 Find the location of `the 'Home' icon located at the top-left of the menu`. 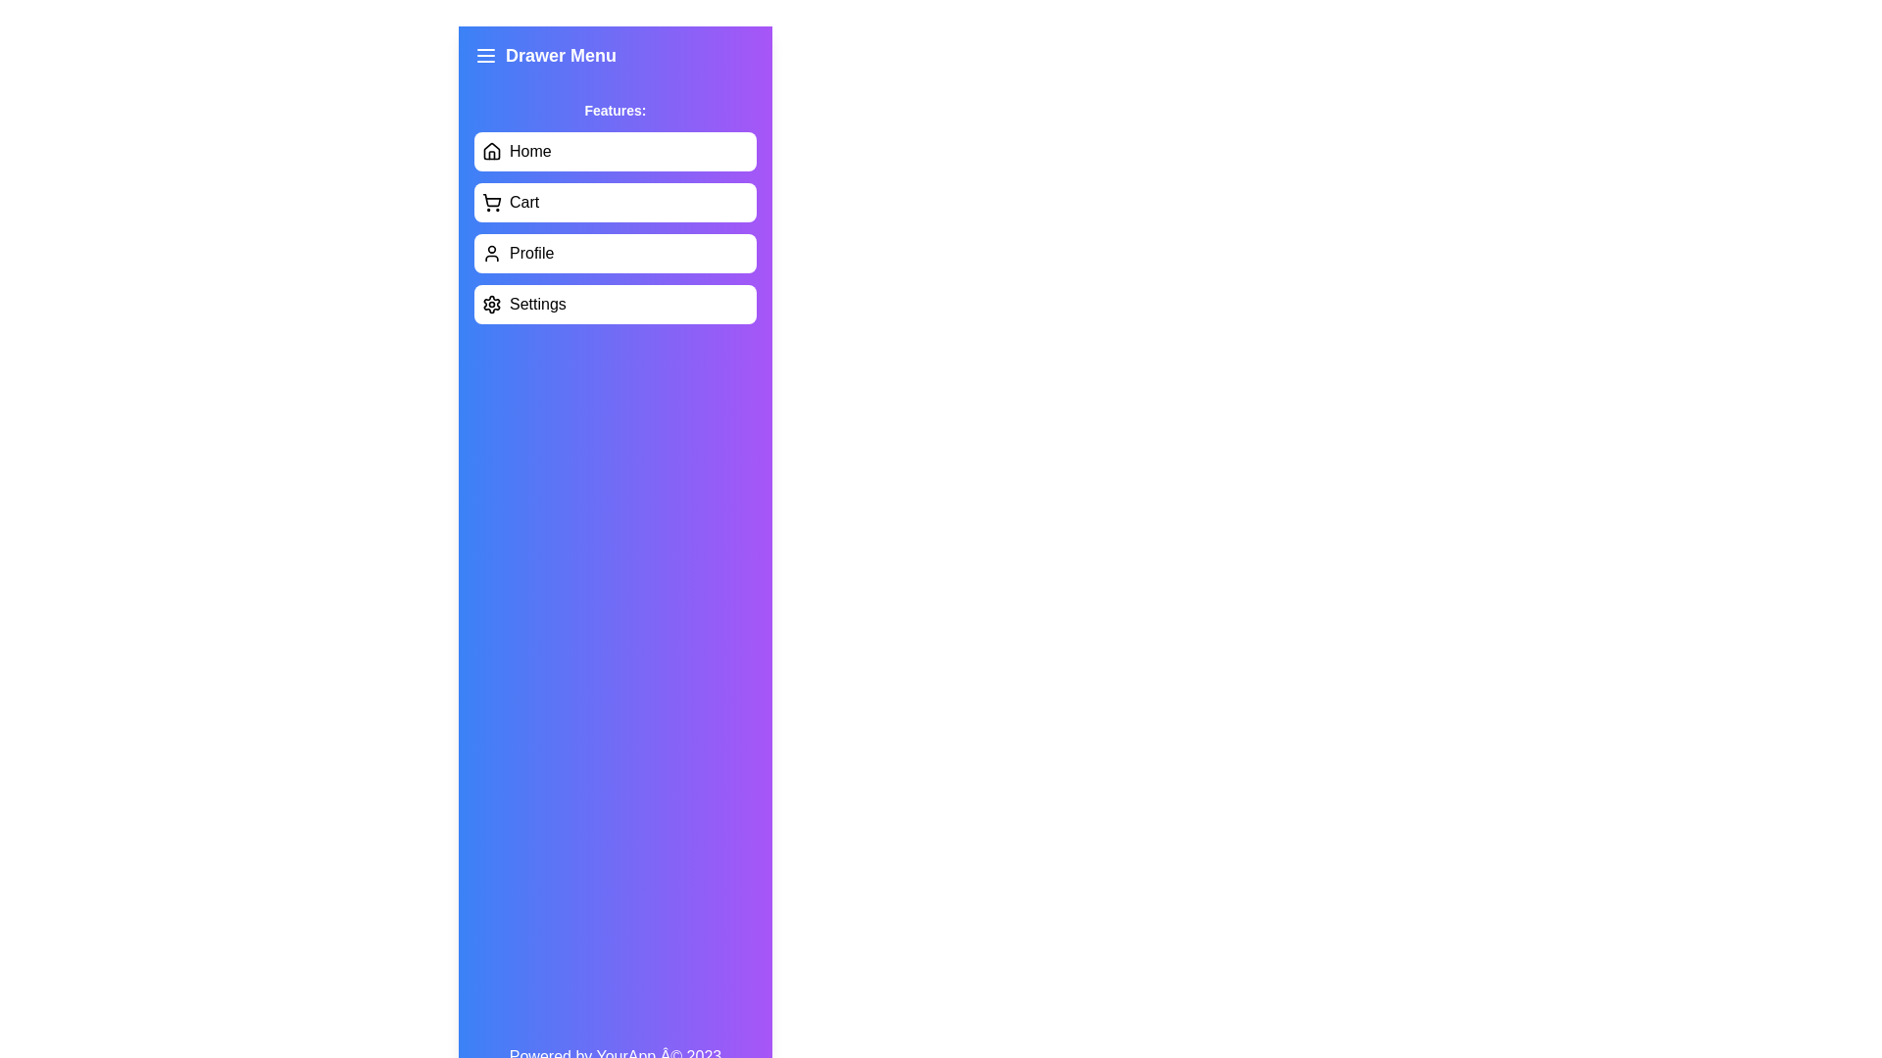

the 'Home' icon located at the top-left of the menu is located at coordinates (492, 150).